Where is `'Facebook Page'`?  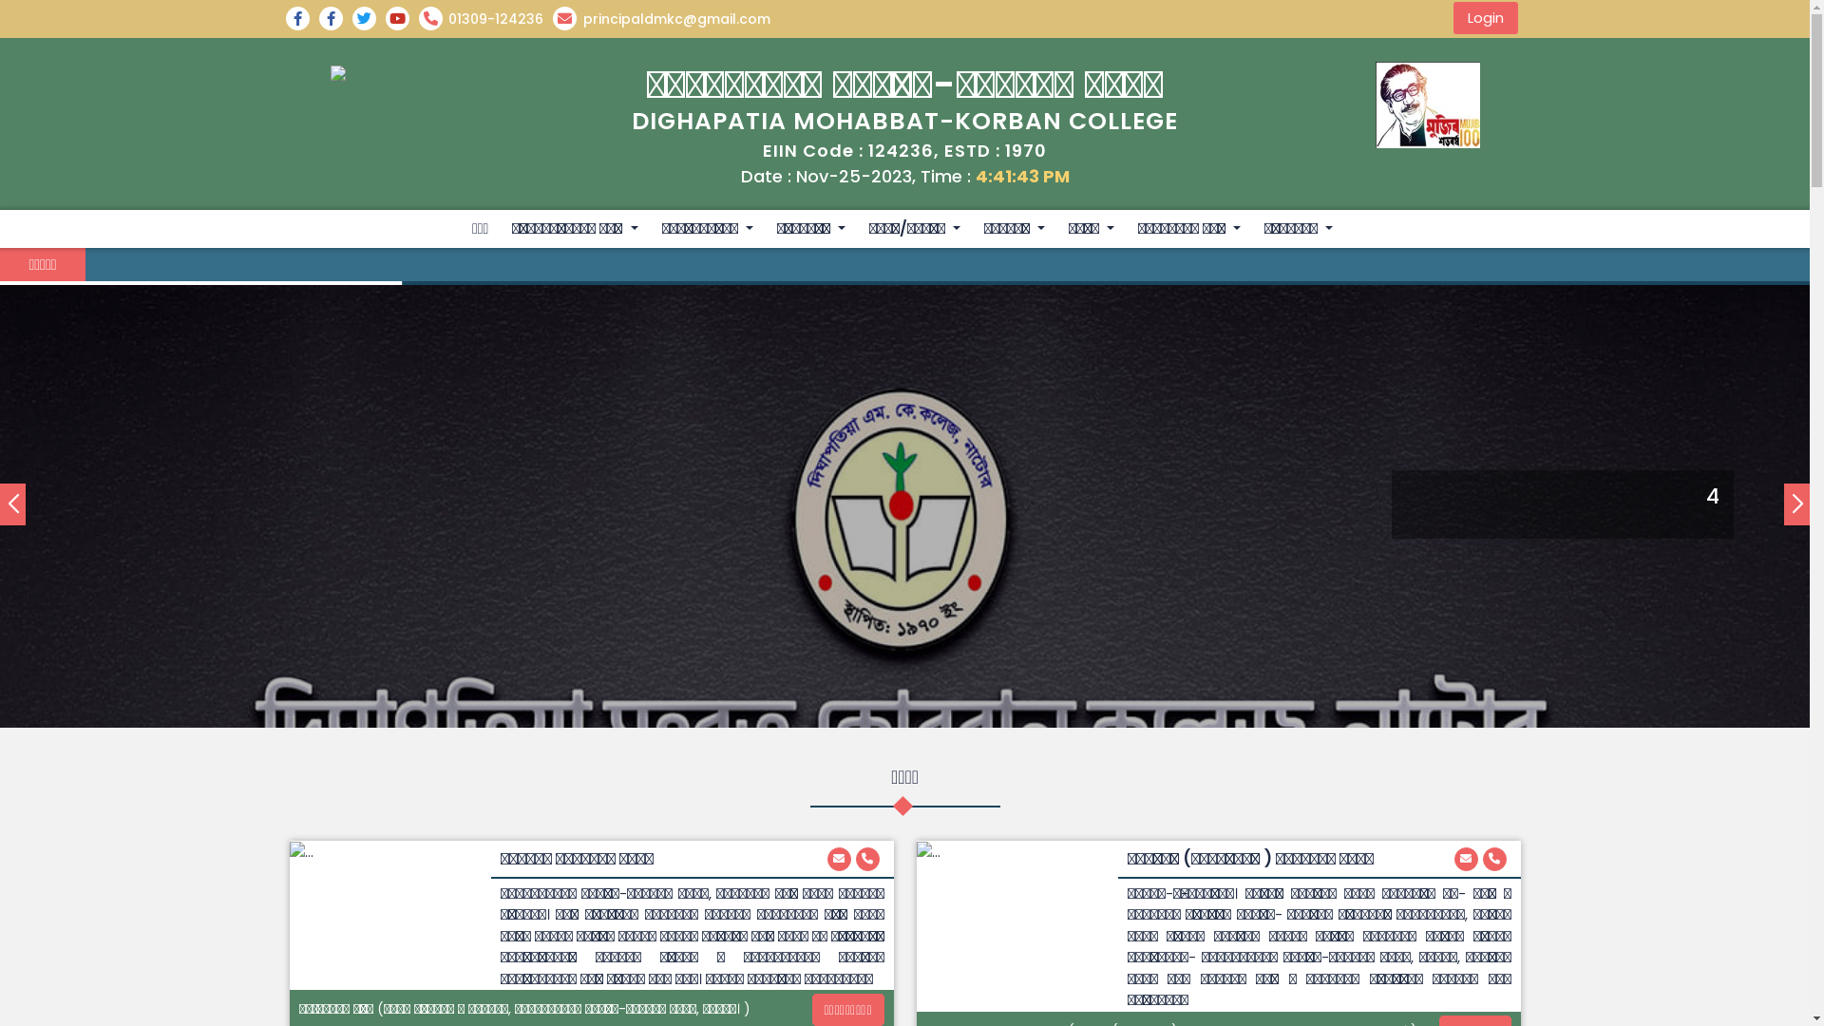 'Facebook Page' is located at coordinates (335, 18).